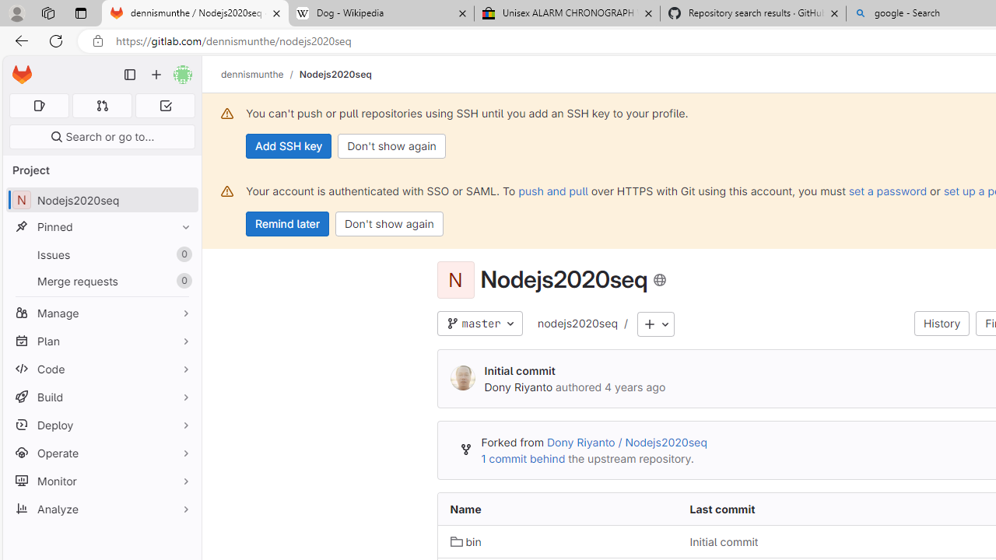 The image size is (996, 560). Describe the element at coordinates (97, 40) in the screenshot. I see `'View site information'` at that location.